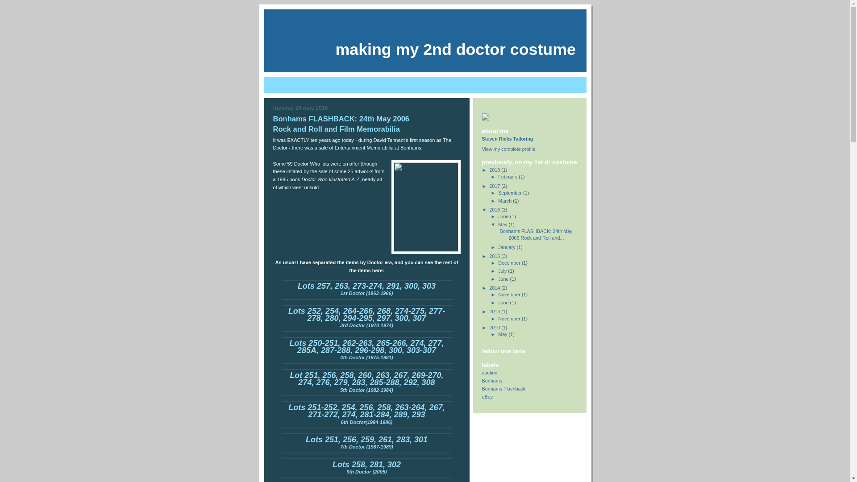 The image size is (857, 482). Describe the element at coordinates (495, 210) in the screenshot. I see `'2016'` at that location.